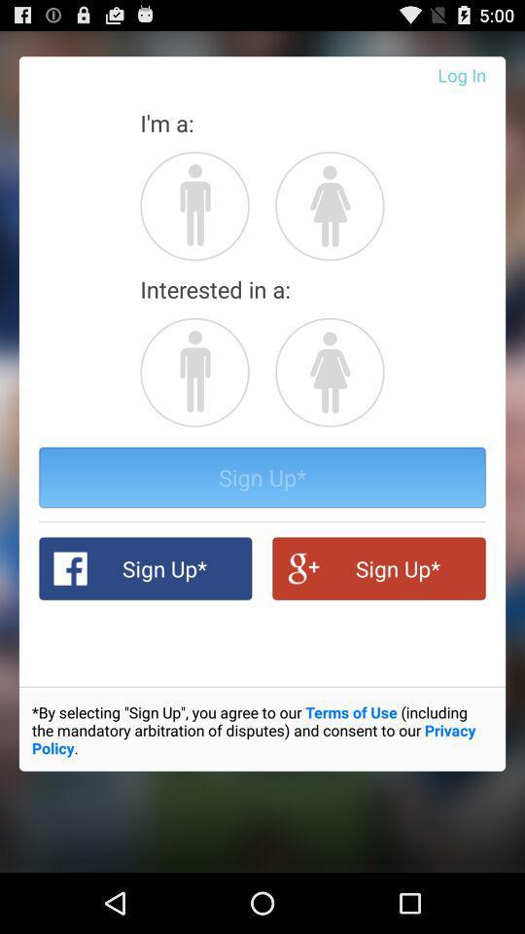 The width and height of the screenshot is (525, 934). What do you see at coordinates (194, 371) in the screenshot?
I see `first icon below interested in a` at bounding box center [194, 371].